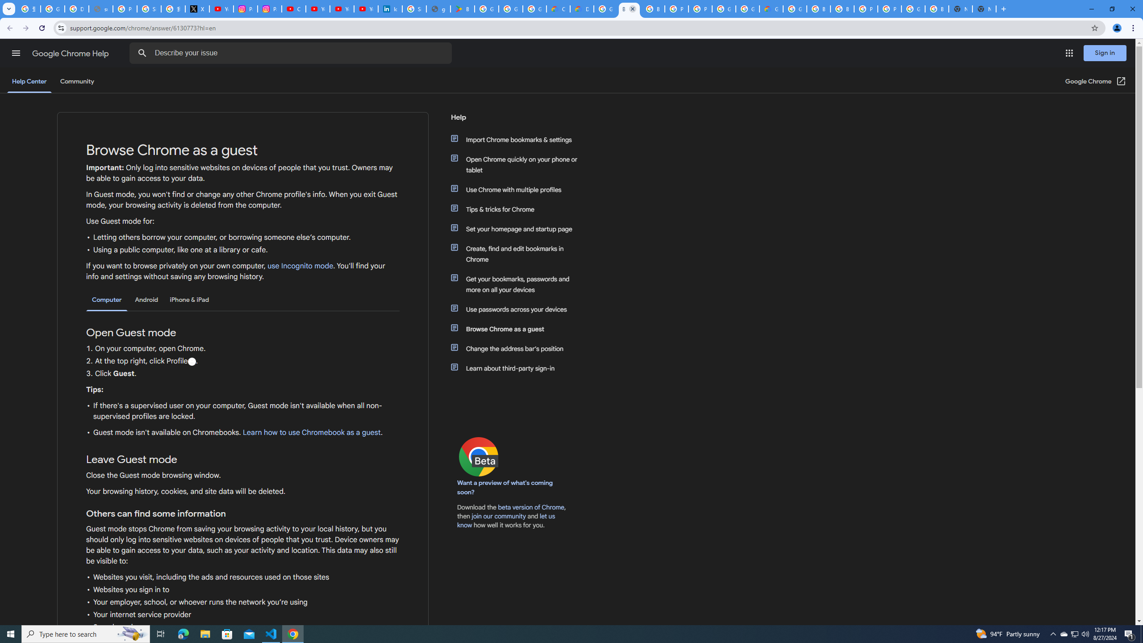 The image size is (1143, 643). I want to click on 'Tips & tricks for Chrome', so click(519, 209).